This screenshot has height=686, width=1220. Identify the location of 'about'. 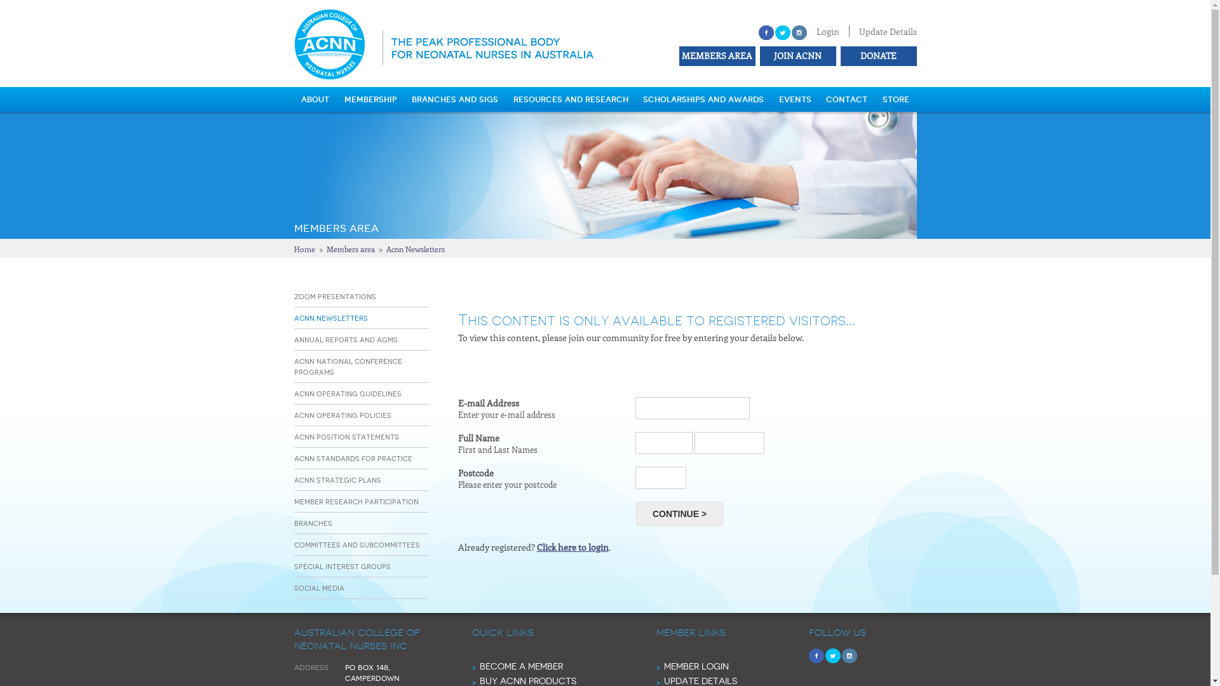
(315, 98).